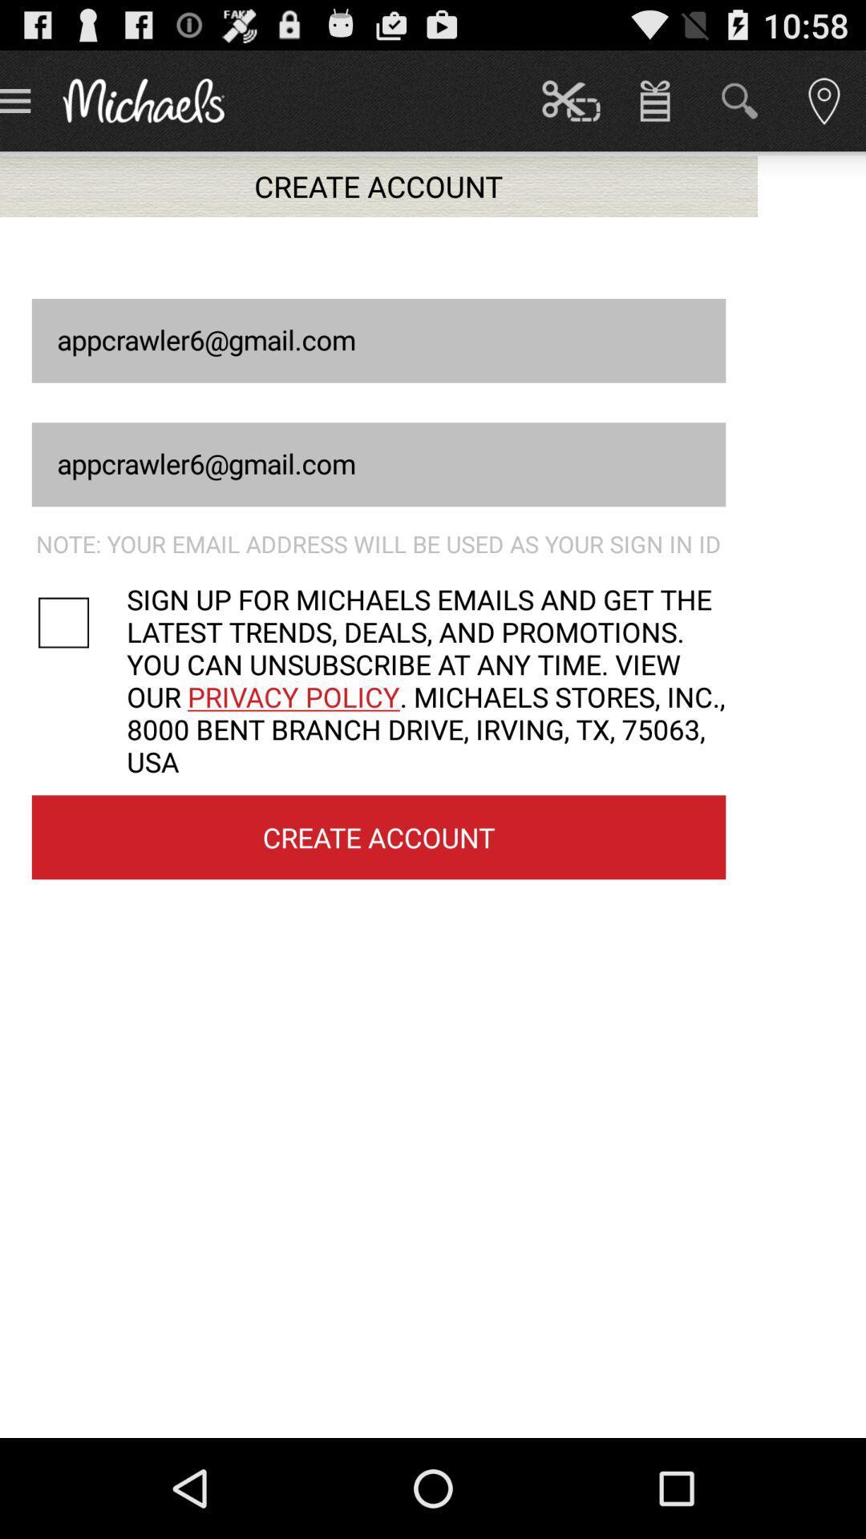 Image resolution: width=866 pixels, height=1539 pixels. Describe the element at coordinates (79, 622) in the screenshot. I see `confirm subscription` at that location.